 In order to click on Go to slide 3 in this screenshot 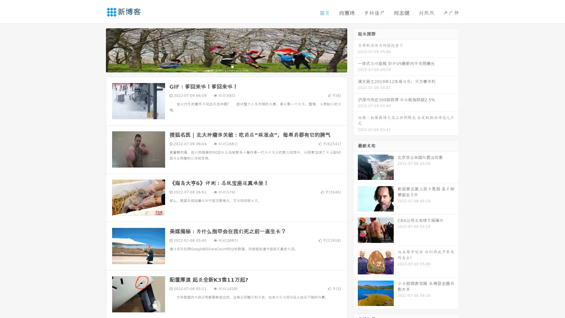, I will do `click(232, 66)`.